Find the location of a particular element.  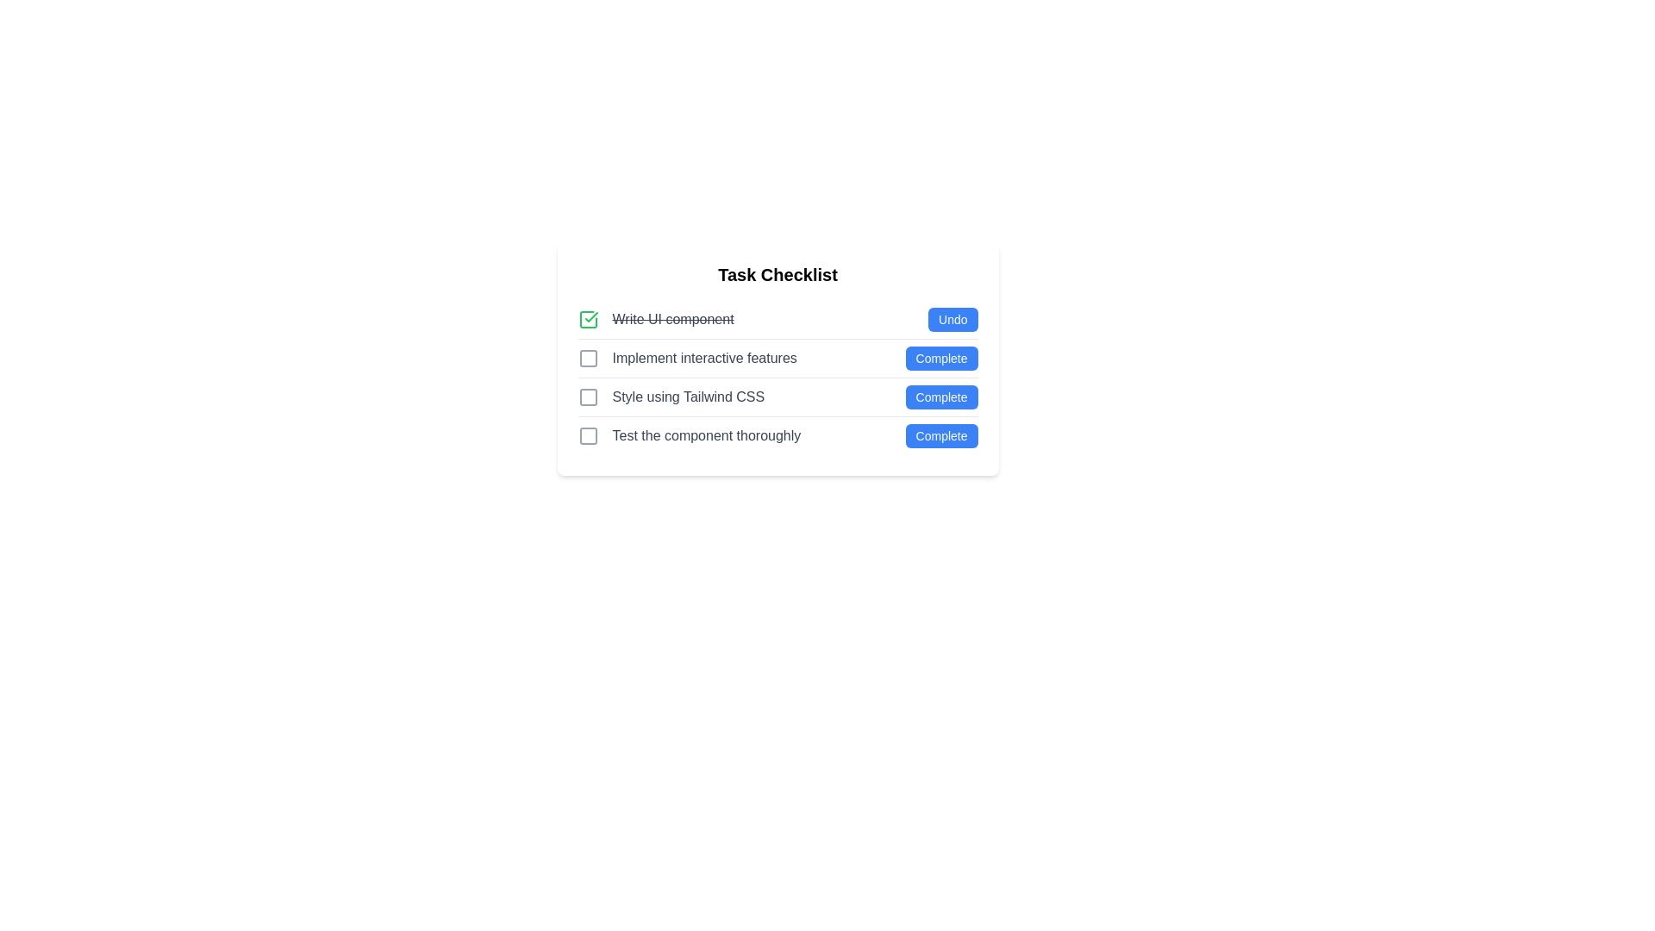

the first icon in the checklist that indicates the completed status of the 'Write UI component' task is located at coordinates (588, 319).